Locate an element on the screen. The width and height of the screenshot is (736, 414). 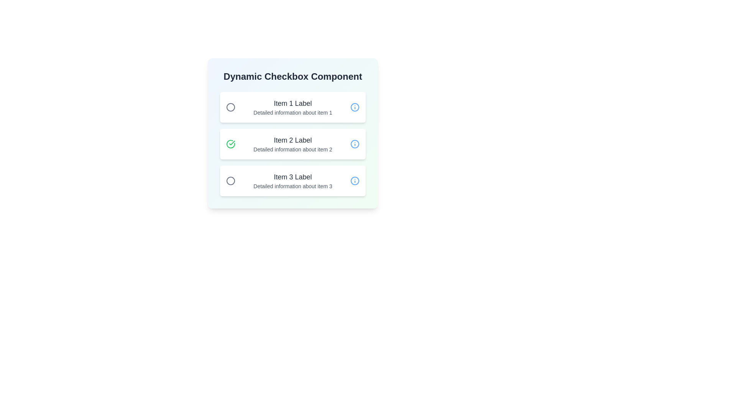
the 'info' icon for Item 1 to view additional information is located at coordinates (355, 107).